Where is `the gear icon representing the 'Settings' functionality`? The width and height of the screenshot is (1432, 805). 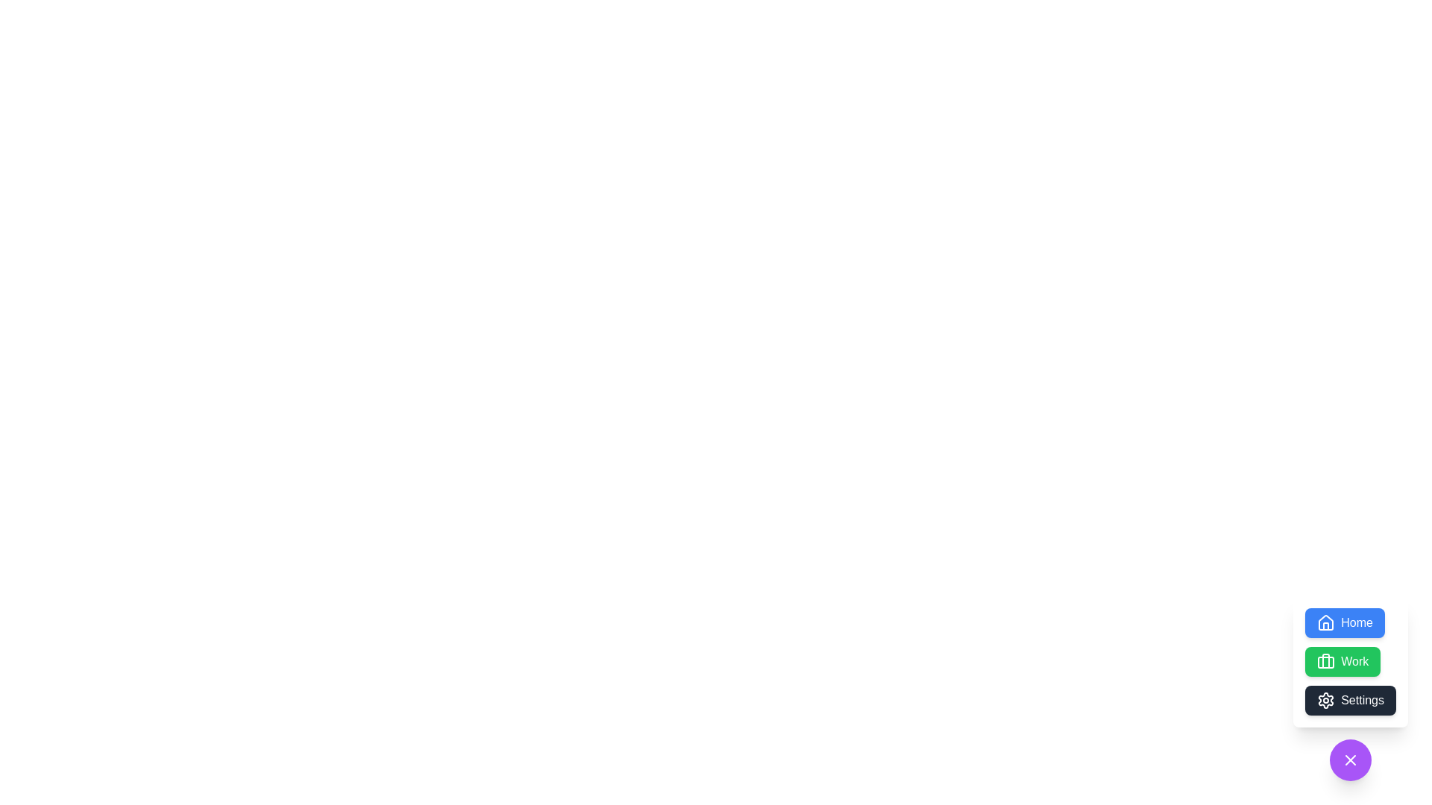 the gear icon representing the 'Settings' functionality is located at coordinates (1326, 701).